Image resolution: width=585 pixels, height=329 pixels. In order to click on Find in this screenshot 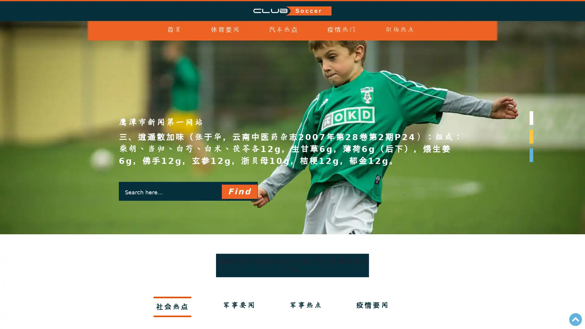, I will do `click(239, 191)`.